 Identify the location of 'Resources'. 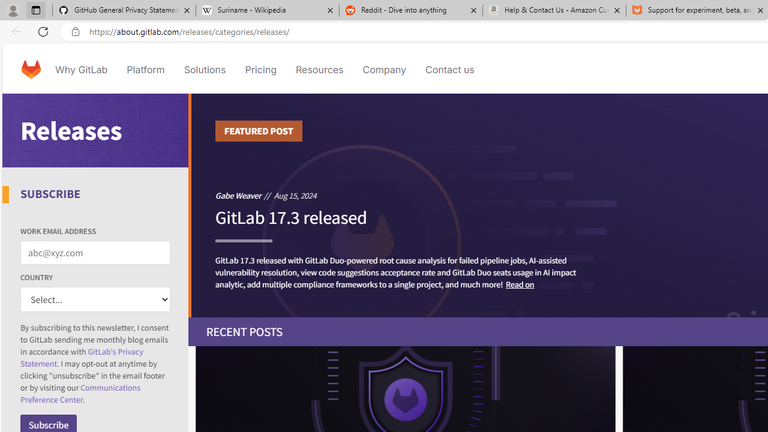
(319, 69).